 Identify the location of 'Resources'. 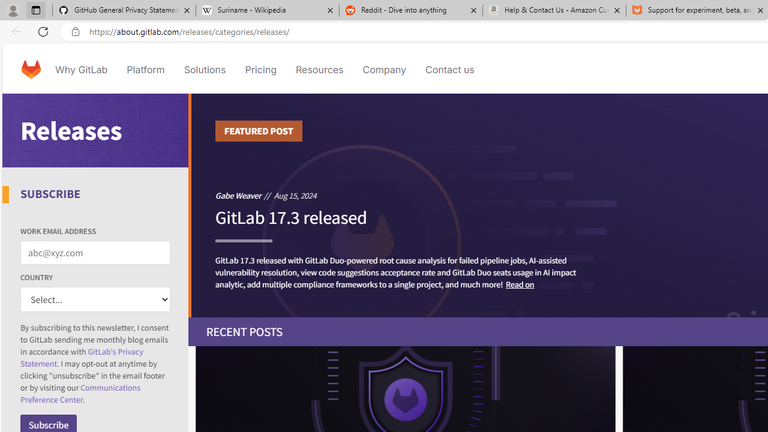
(319, 69).